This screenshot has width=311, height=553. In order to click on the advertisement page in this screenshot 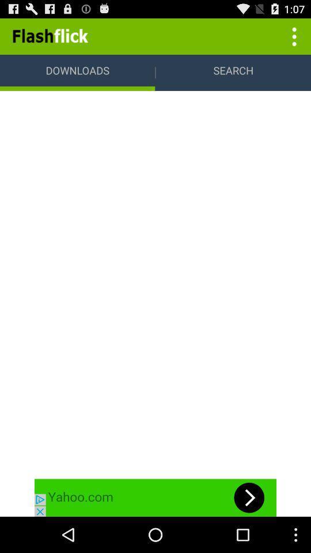, I will do `click(155, 497)`.